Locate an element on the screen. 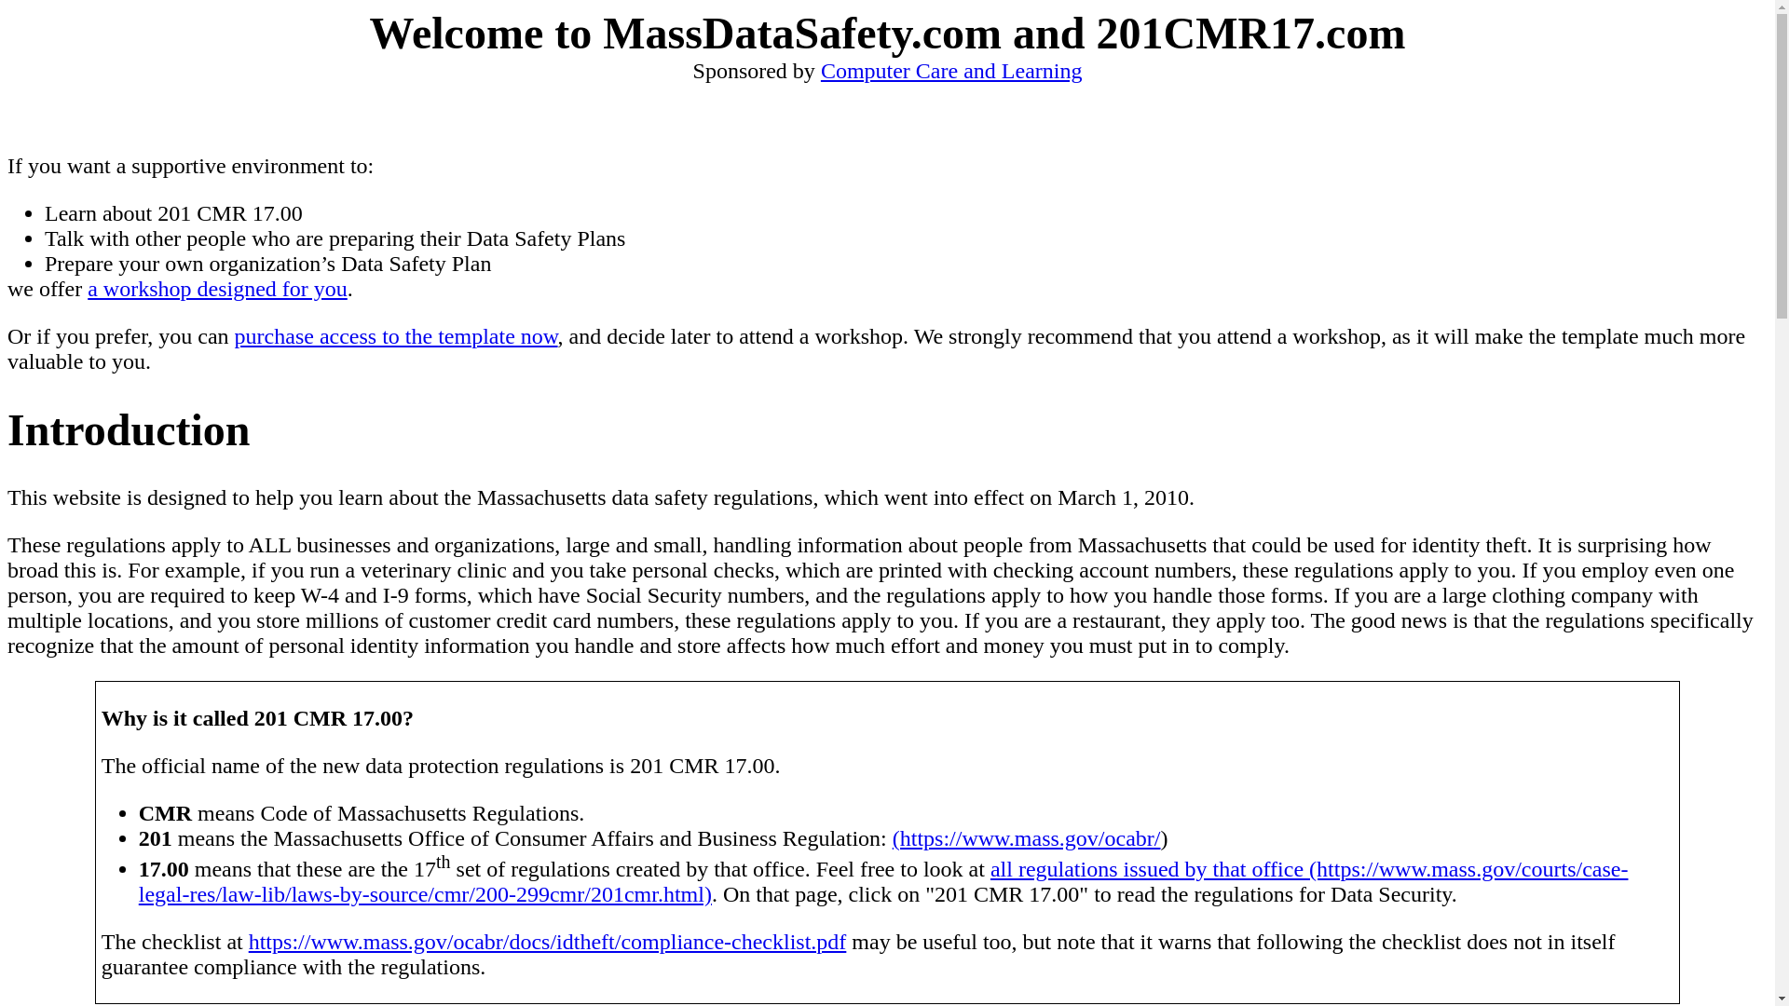  '(https://www.mass.gov/ocabr/' is located at coordinates (1026, 836).